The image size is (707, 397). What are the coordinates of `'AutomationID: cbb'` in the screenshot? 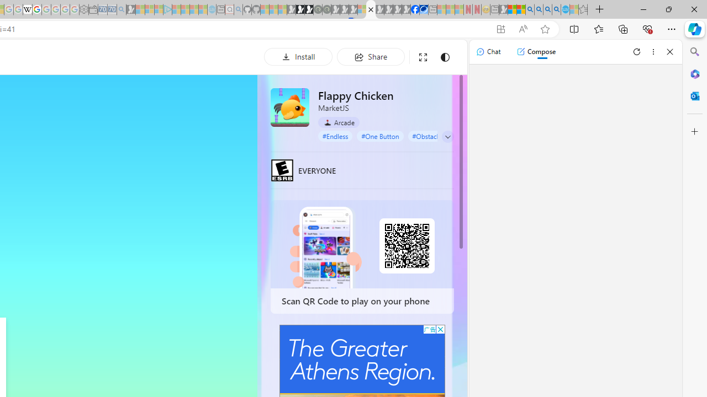 It's located at (440, 329).